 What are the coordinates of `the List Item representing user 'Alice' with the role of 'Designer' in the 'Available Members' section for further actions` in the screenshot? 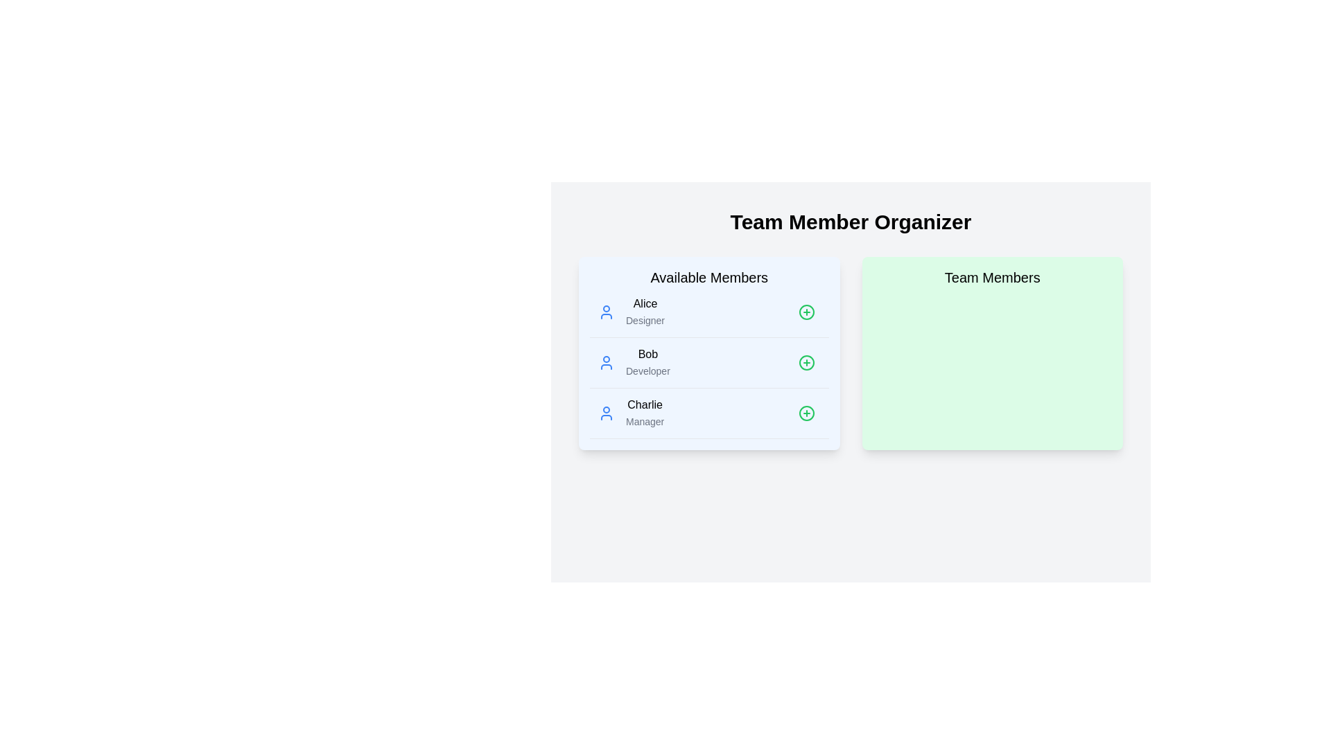 It's located at (631, 312).